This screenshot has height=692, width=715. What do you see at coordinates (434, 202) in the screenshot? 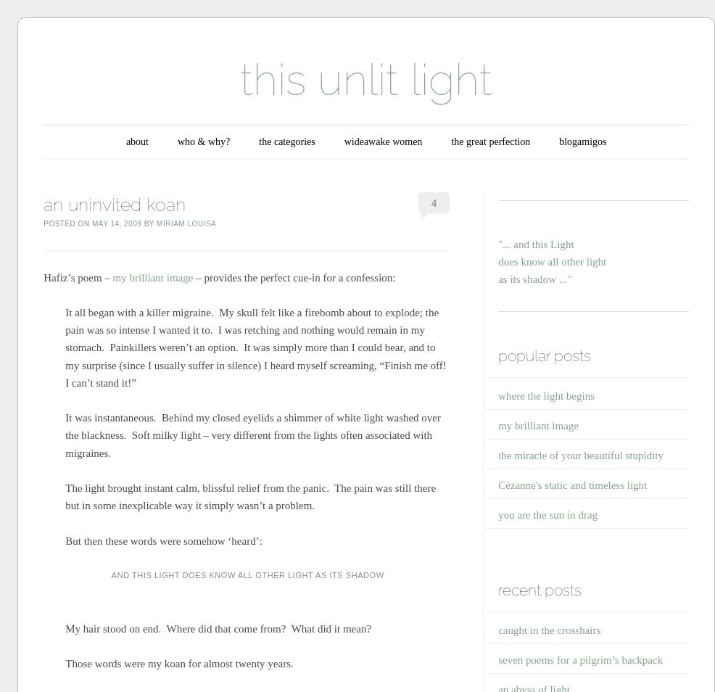
I see `'4'` at bounding box center [434, 202].